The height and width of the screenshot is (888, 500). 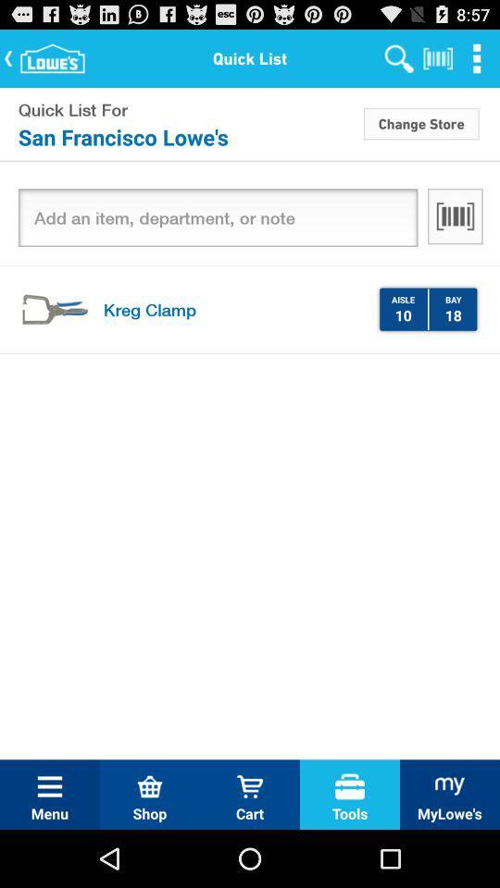 I want to click on 18 item, so click(x=452, y=314).